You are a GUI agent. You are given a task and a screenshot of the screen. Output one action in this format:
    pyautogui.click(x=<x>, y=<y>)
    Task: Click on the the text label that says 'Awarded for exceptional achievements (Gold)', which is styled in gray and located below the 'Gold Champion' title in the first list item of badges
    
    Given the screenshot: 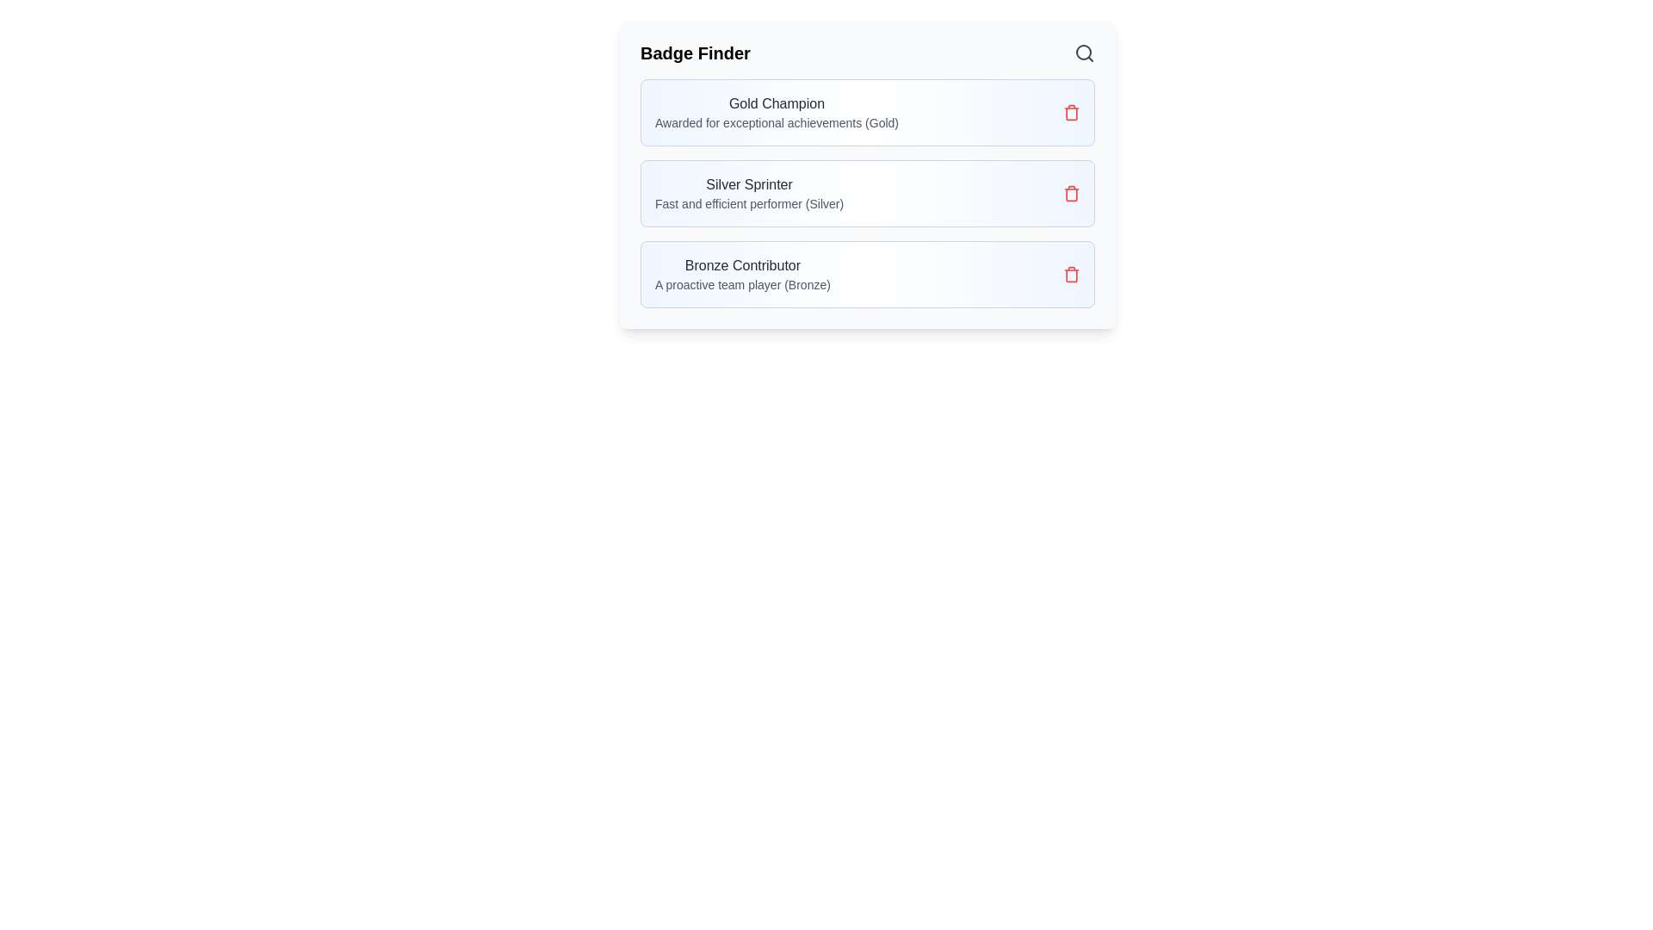 What is the action you would take?
    pyautogui.click(x=776, y=121)
    